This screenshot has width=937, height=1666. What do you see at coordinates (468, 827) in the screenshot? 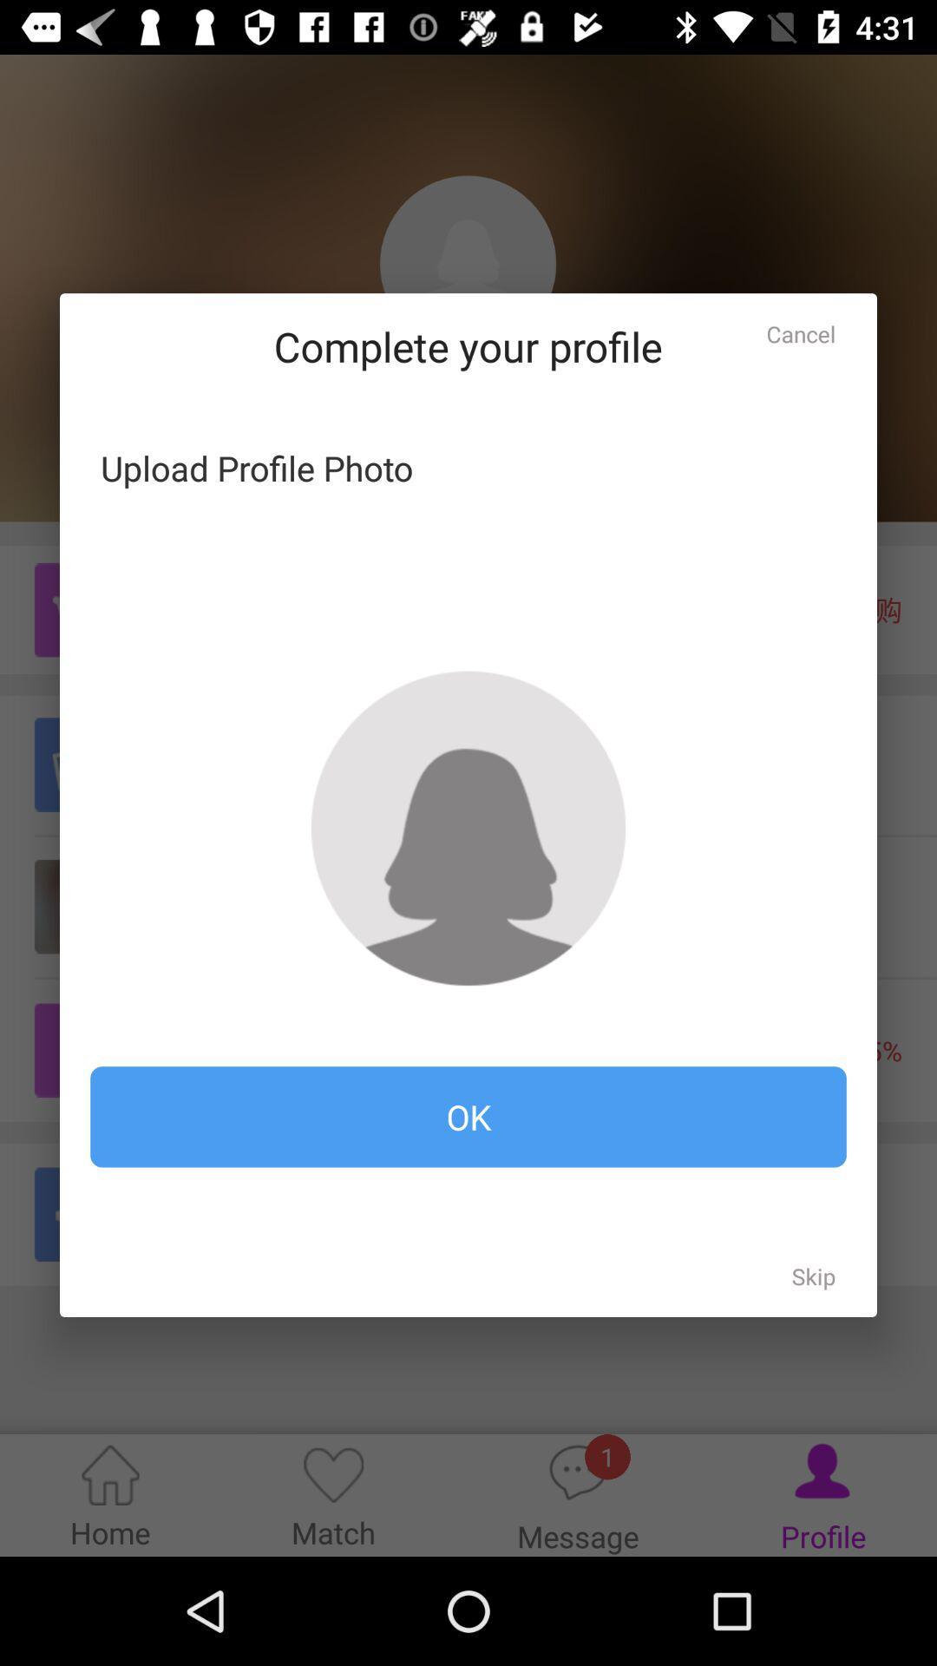
I see `upload profile picture` at bounding box center [468, 827].